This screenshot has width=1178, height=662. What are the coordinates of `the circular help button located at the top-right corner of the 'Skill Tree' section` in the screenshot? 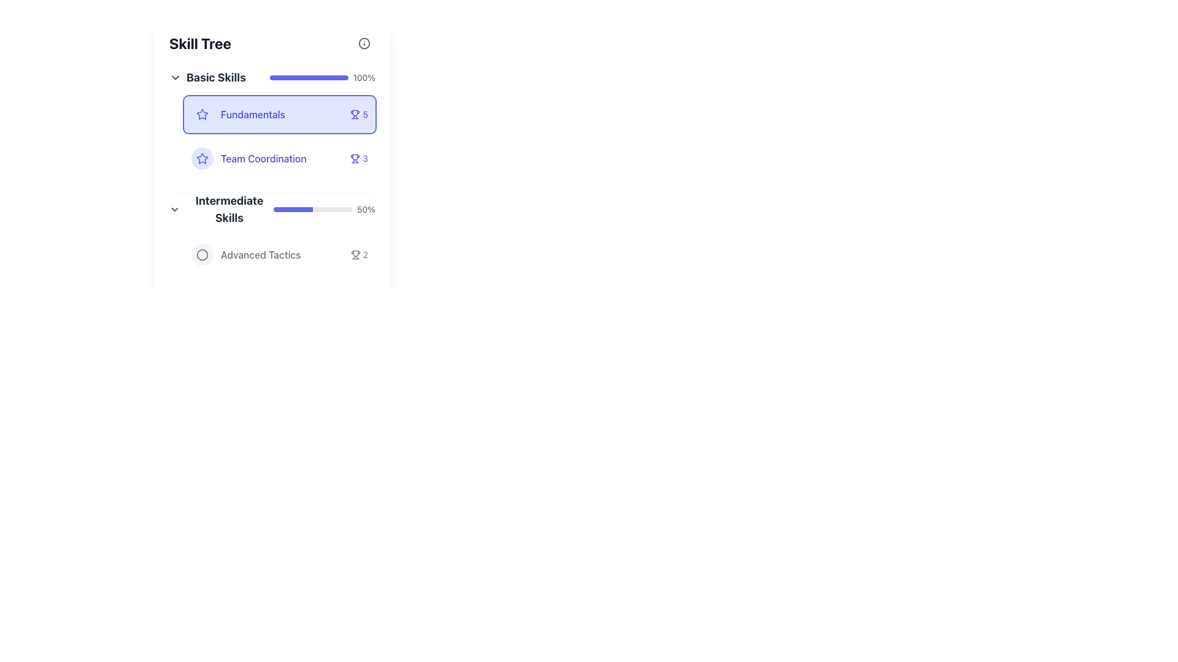 It's located at (364, 42).